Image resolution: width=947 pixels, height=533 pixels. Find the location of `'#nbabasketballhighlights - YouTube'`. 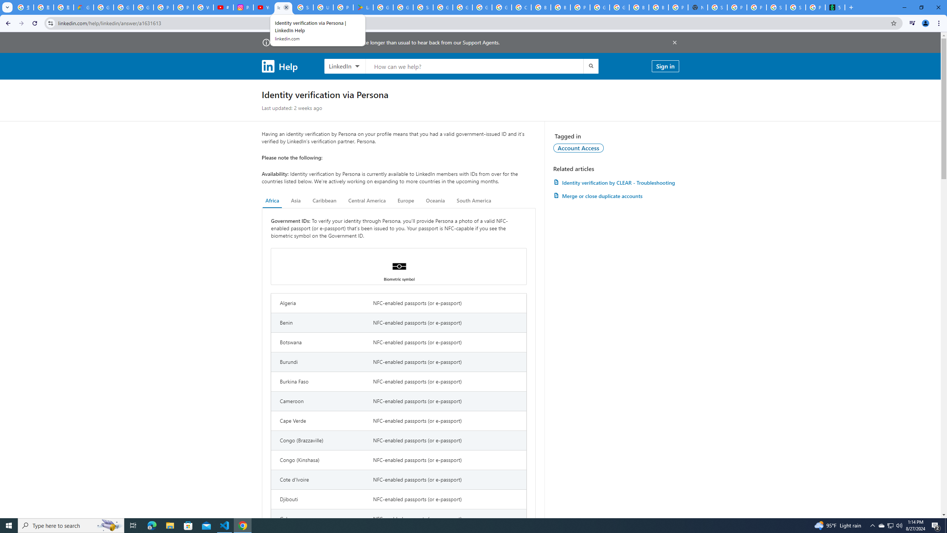

'#nbabasketballhighlights - YouTube' is located at coordinates (223, 7).